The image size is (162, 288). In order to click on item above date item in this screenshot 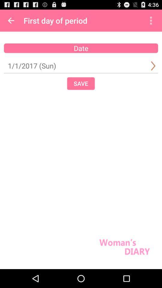, I will do `click(151, 20)`.